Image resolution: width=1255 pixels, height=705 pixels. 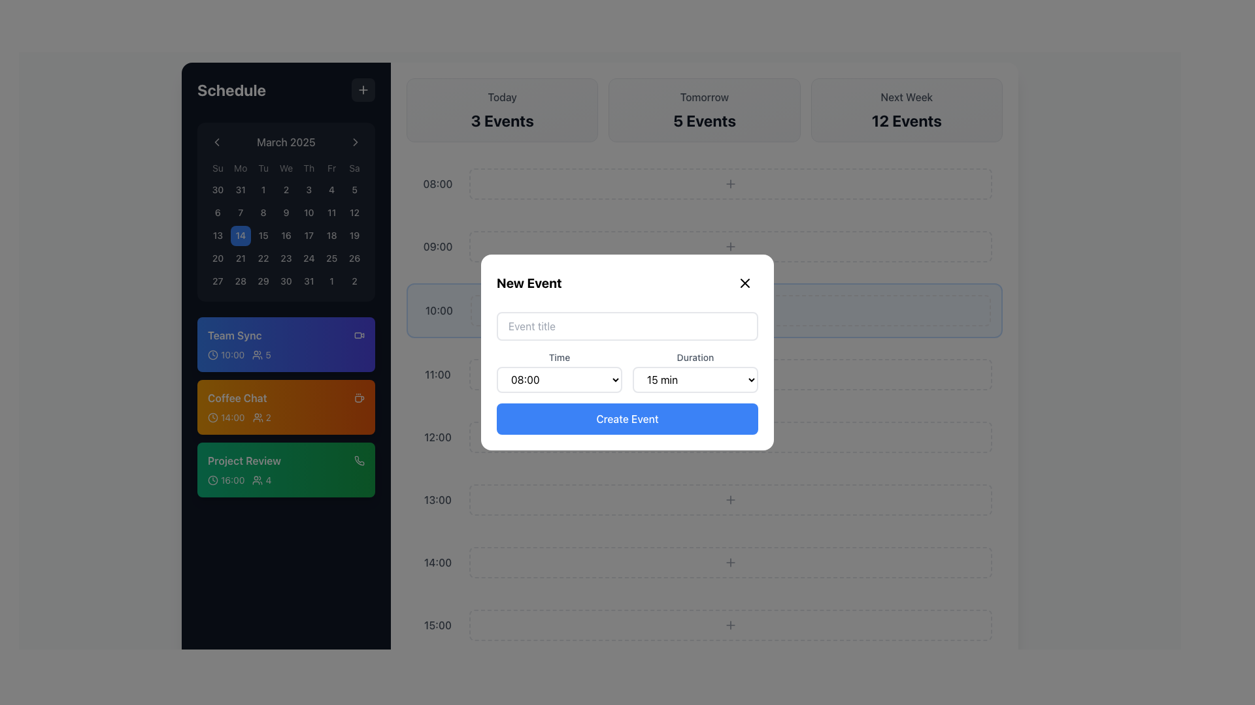 I want to click on the interactive icon for adding new items located near the bottom-right corner of the 'Create Event' button in the white modal window, so click(x=730, y=437).